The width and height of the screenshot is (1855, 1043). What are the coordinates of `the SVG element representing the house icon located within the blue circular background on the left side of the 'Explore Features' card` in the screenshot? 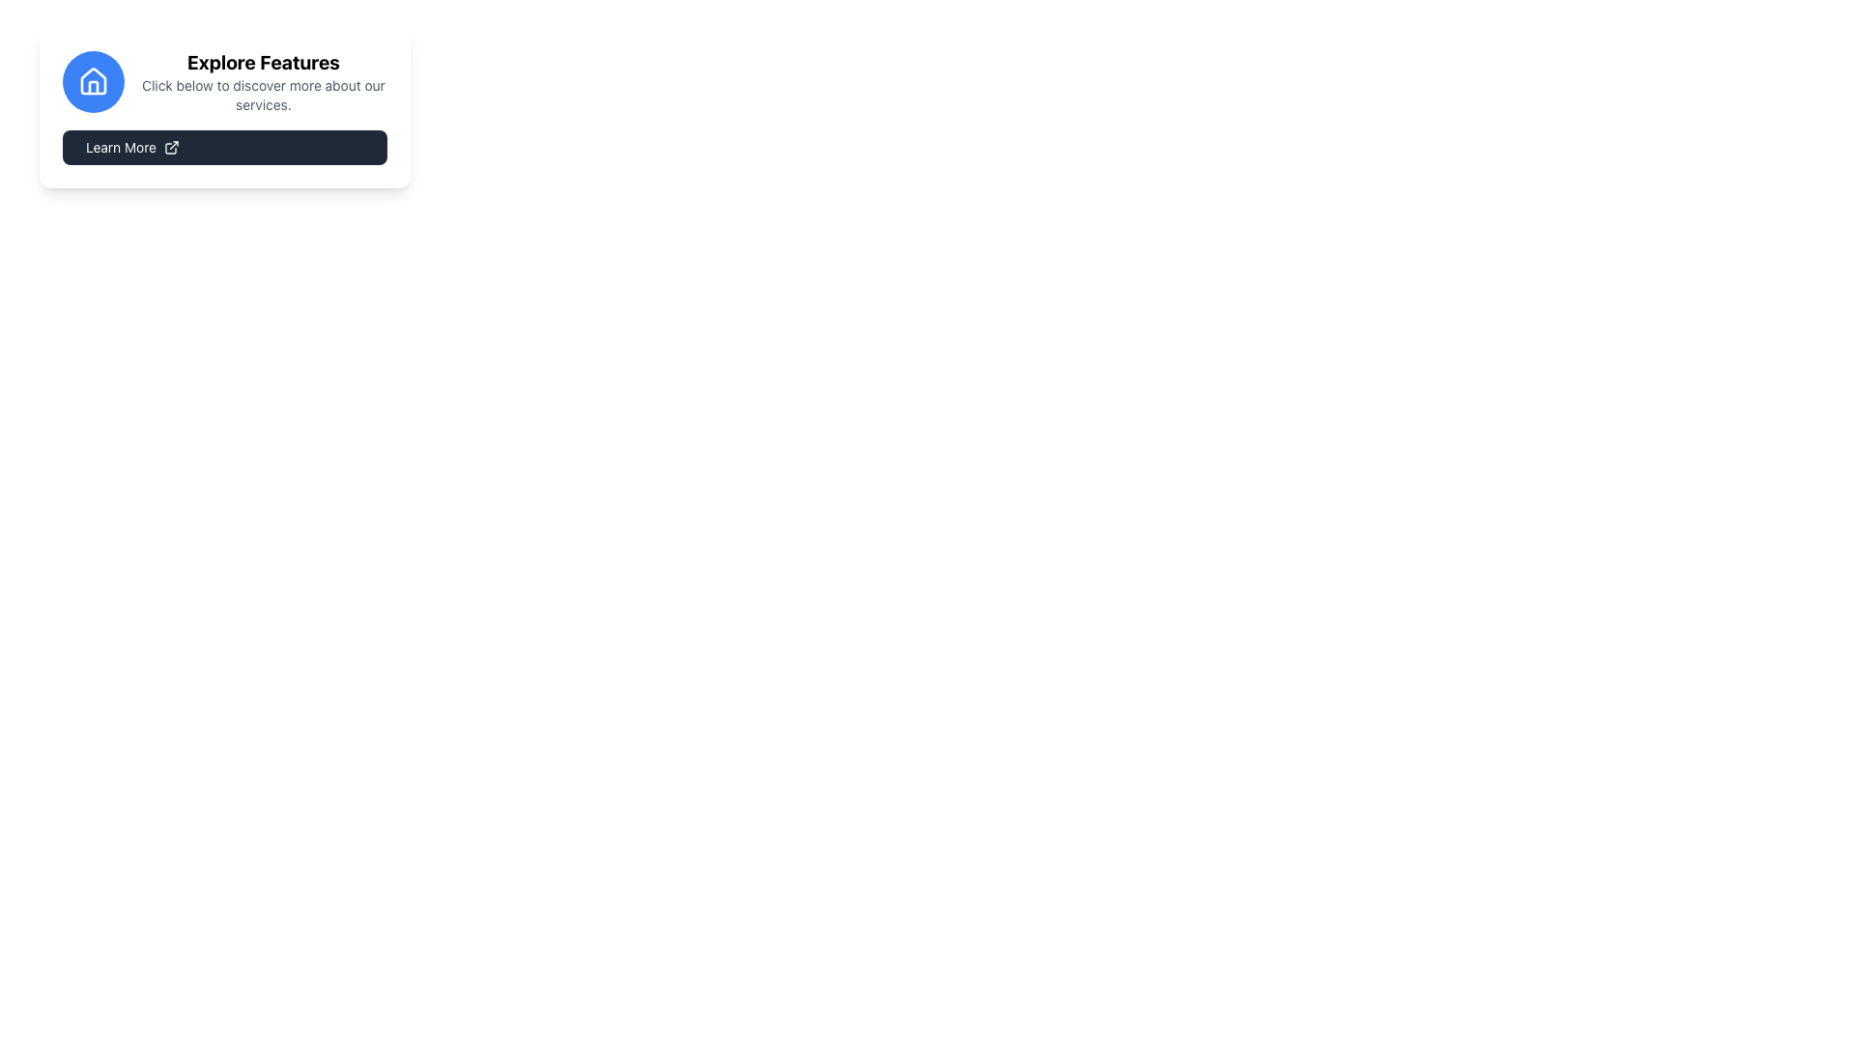 It's located at (92, 80).